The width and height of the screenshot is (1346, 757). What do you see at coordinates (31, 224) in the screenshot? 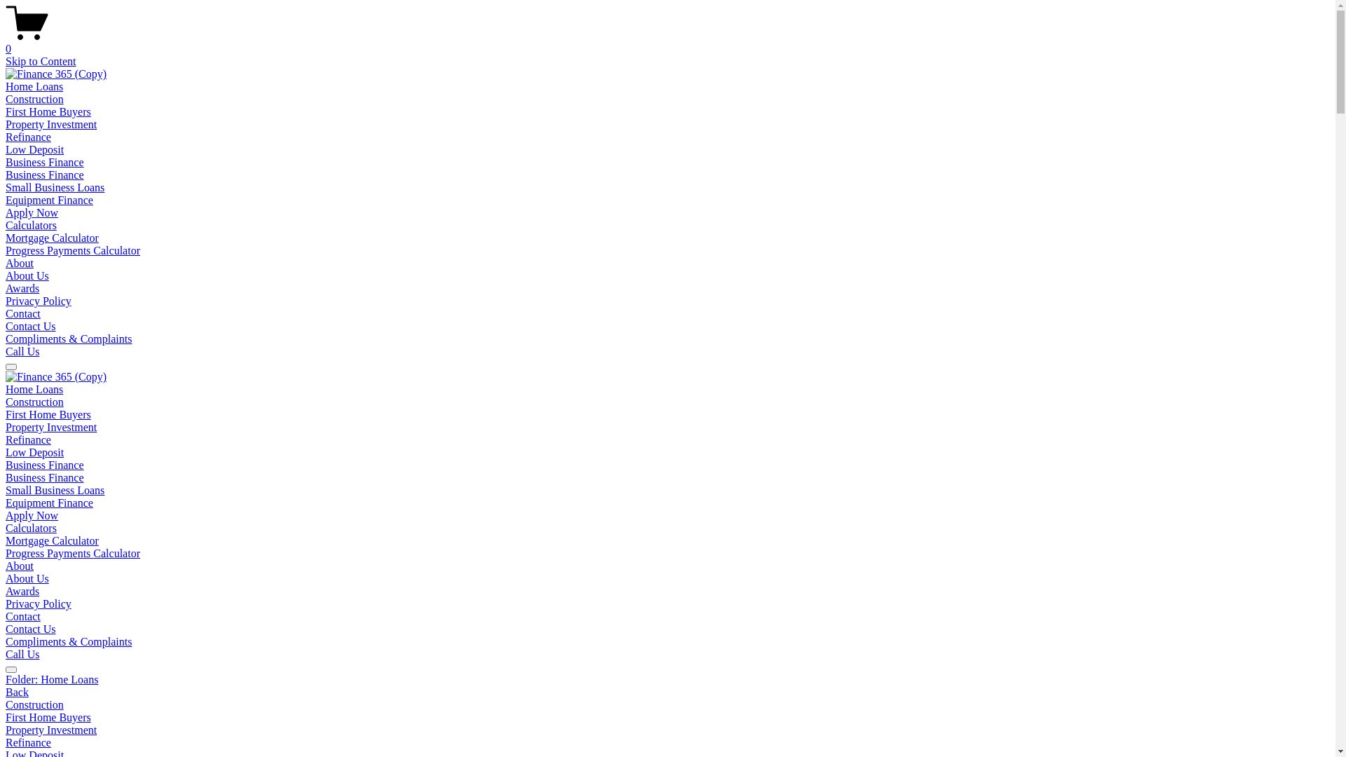
I see `'Calculators'` at bounding box center [31, 224].